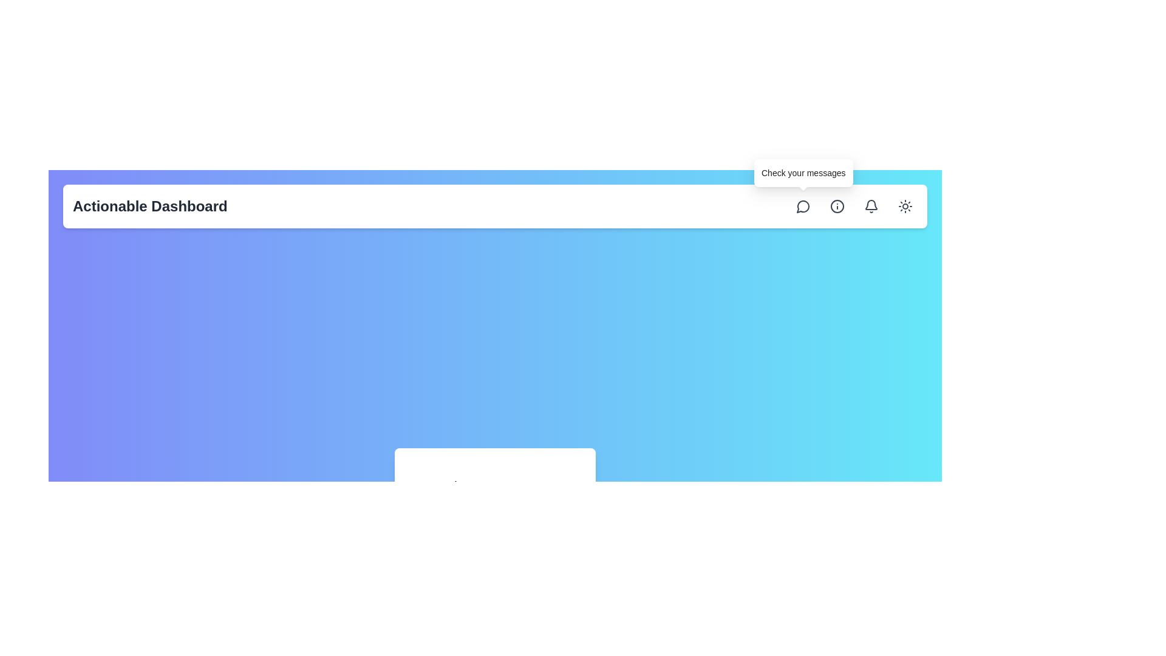 Image resolution: width=1166 pixels, height=656 pixels. I want to click on the circular button with a sun icon located at the top-right corner of the interface, so click(905, 205).